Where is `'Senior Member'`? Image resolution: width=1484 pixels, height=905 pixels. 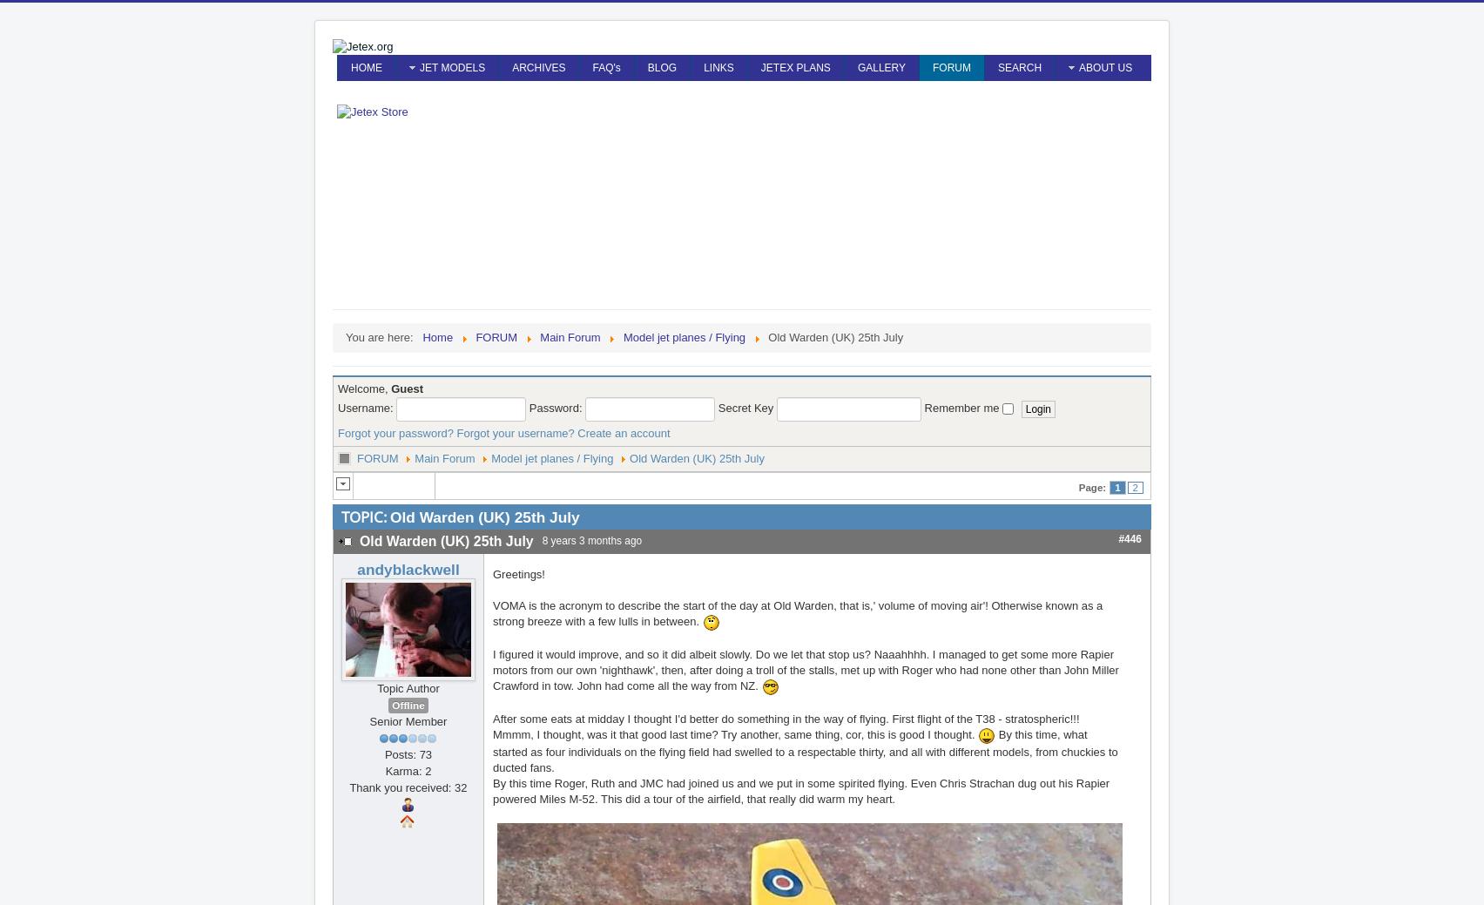 'Senior Member' is located at coordinates (368, 719).